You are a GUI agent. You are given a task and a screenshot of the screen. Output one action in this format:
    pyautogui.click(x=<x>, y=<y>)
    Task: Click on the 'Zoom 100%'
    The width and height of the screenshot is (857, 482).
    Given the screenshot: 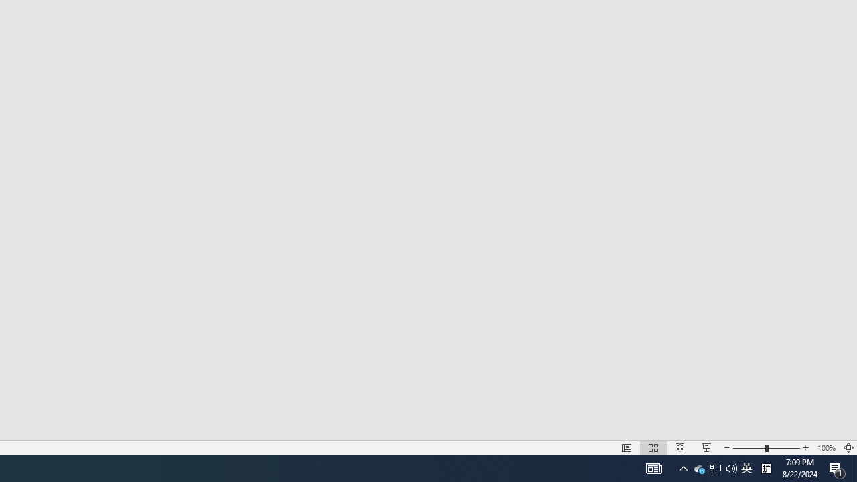 What is the action you would take?
    pyautogui.click(x=826, y=448)
    